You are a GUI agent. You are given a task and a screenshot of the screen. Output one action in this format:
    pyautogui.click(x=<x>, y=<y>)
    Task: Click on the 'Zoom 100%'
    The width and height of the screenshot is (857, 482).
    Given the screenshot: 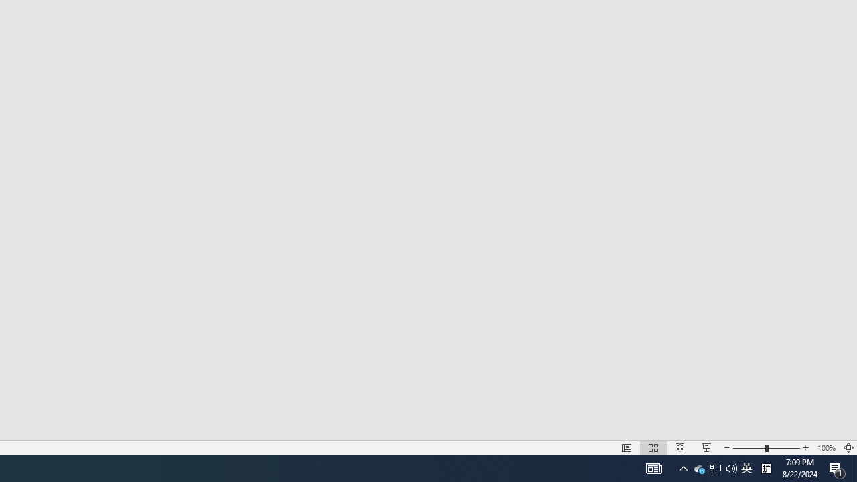 What is the action you would take?
    pyautogui.click(x=826, y=448)
    